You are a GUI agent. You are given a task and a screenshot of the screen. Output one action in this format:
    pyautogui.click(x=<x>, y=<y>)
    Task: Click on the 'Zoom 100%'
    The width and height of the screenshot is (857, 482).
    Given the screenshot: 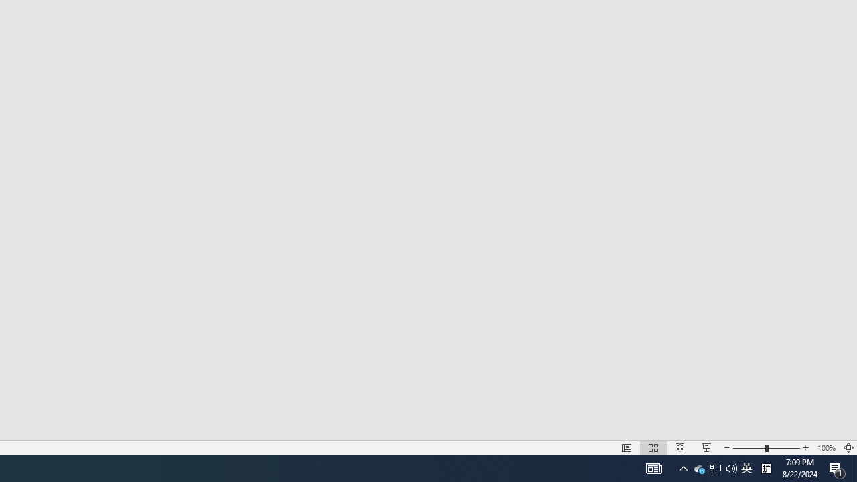 What is the action you would take?
    pyautogui.click(x=826, y=448)
    